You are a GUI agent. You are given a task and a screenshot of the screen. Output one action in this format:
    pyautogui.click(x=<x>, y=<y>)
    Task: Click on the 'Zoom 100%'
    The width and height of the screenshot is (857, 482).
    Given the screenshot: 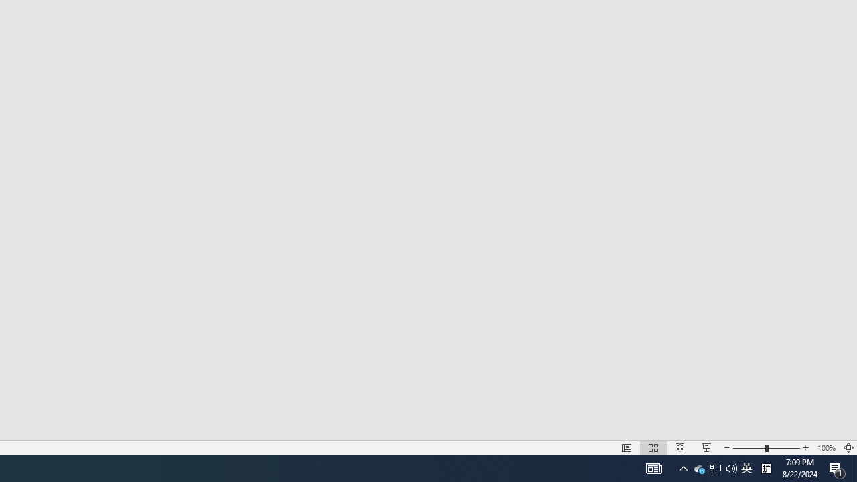 What is the action you would take?
    pyautogui.click(x=826, y=448)
    